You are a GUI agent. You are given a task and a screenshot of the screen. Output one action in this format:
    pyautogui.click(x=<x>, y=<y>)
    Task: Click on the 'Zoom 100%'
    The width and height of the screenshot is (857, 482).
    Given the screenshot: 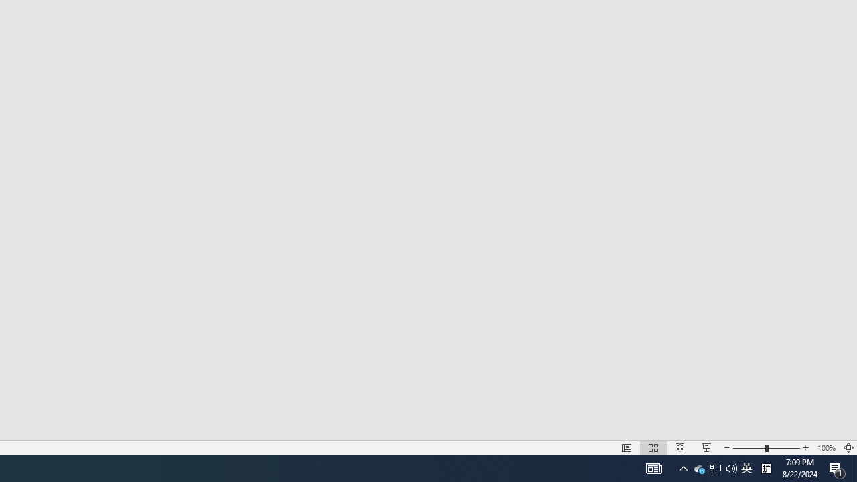 What is the action you would take?
    pyautogui.click(x=826, y=448)
    